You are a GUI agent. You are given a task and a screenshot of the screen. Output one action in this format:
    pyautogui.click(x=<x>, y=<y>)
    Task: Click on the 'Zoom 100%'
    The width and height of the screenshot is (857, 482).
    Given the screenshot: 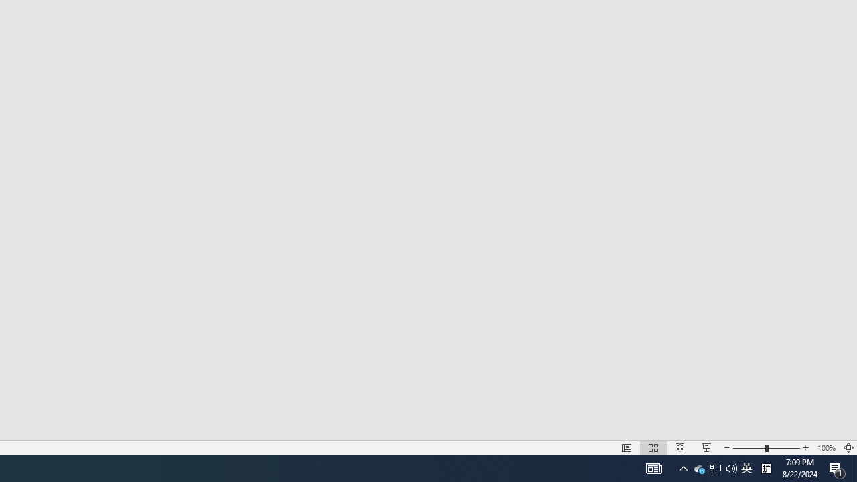 What is the action you would take?
    pyautogui.click(x=826, y=448)
    